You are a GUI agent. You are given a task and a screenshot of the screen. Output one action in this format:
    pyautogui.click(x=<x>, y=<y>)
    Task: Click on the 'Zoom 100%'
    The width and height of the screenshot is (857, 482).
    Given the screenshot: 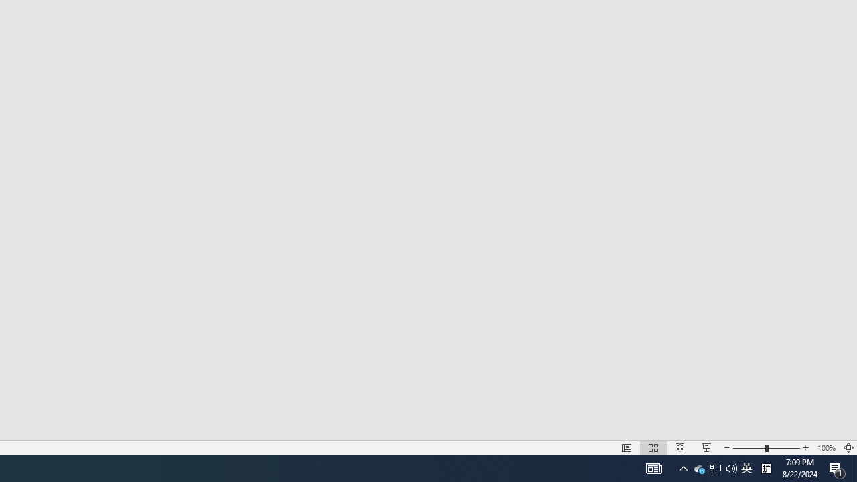 What is the action you would take?
    pyautogui.click(x=826, y=448)
    